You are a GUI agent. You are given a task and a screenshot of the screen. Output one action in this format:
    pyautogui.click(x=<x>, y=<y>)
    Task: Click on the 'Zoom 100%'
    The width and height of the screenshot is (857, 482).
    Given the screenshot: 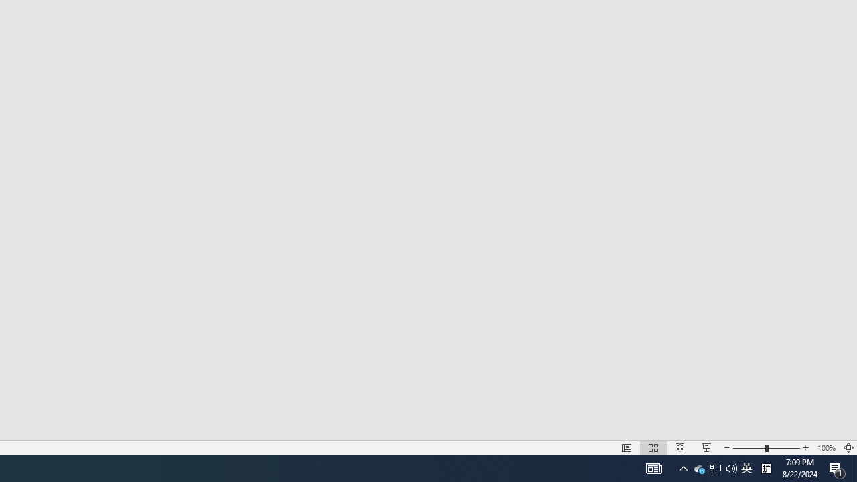 What is the action you would take?
    pyautogui.click(x=826, y=448)
    